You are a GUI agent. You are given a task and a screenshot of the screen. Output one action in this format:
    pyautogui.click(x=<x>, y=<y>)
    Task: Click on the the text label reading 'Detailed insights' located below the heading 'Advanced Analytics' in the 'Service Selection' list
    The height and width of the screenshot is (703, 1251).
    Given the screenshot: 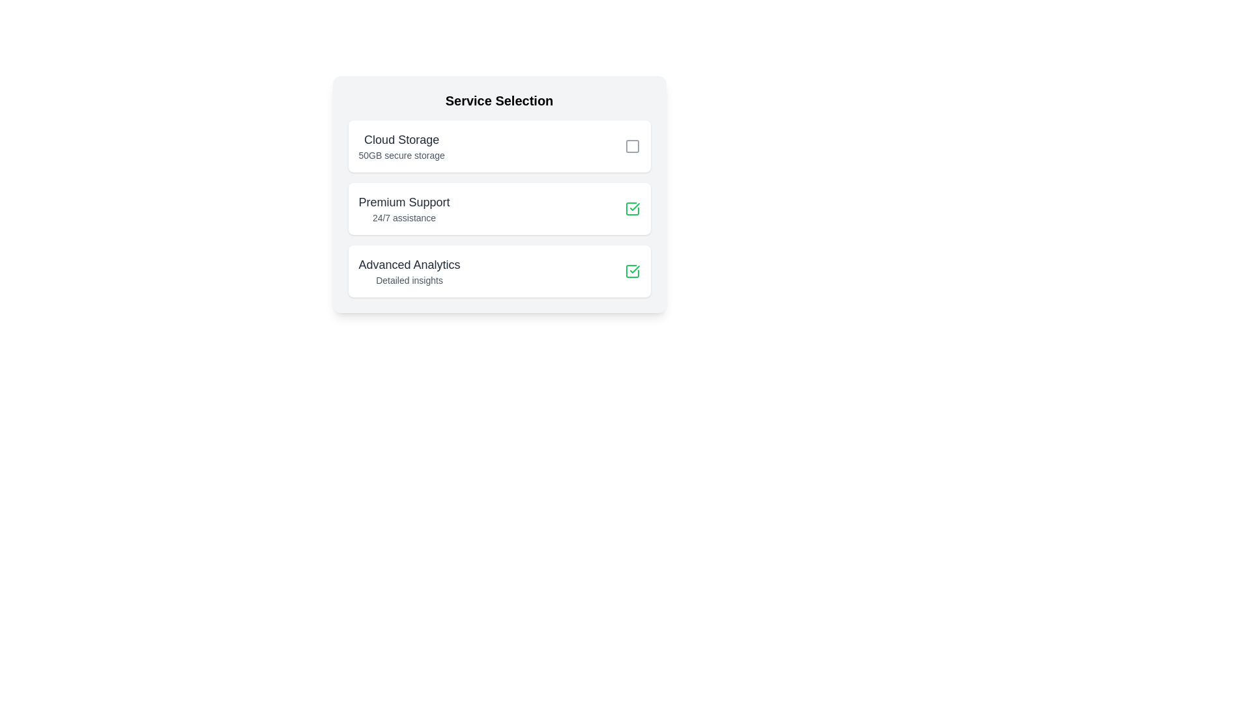 What is the action you would take?
    pyautogui.click(x=409, y=280)
    